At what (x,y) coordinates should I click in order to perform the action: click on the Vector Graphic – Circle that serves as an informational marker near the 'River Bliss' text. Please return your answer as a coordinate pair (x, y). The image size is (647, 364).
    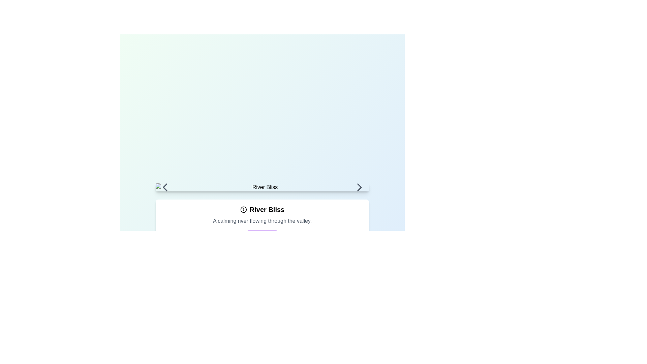
    Looking at the image, I should click on (243, 209).